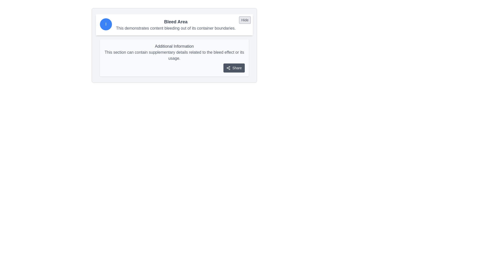 The height and width of the screenshot is (271, 482). Describe the element at coordinates (174, 55) in the screenshot. I see `text content in the Text block element styled with gray font, located below the 'Additional Information' title` at that location.